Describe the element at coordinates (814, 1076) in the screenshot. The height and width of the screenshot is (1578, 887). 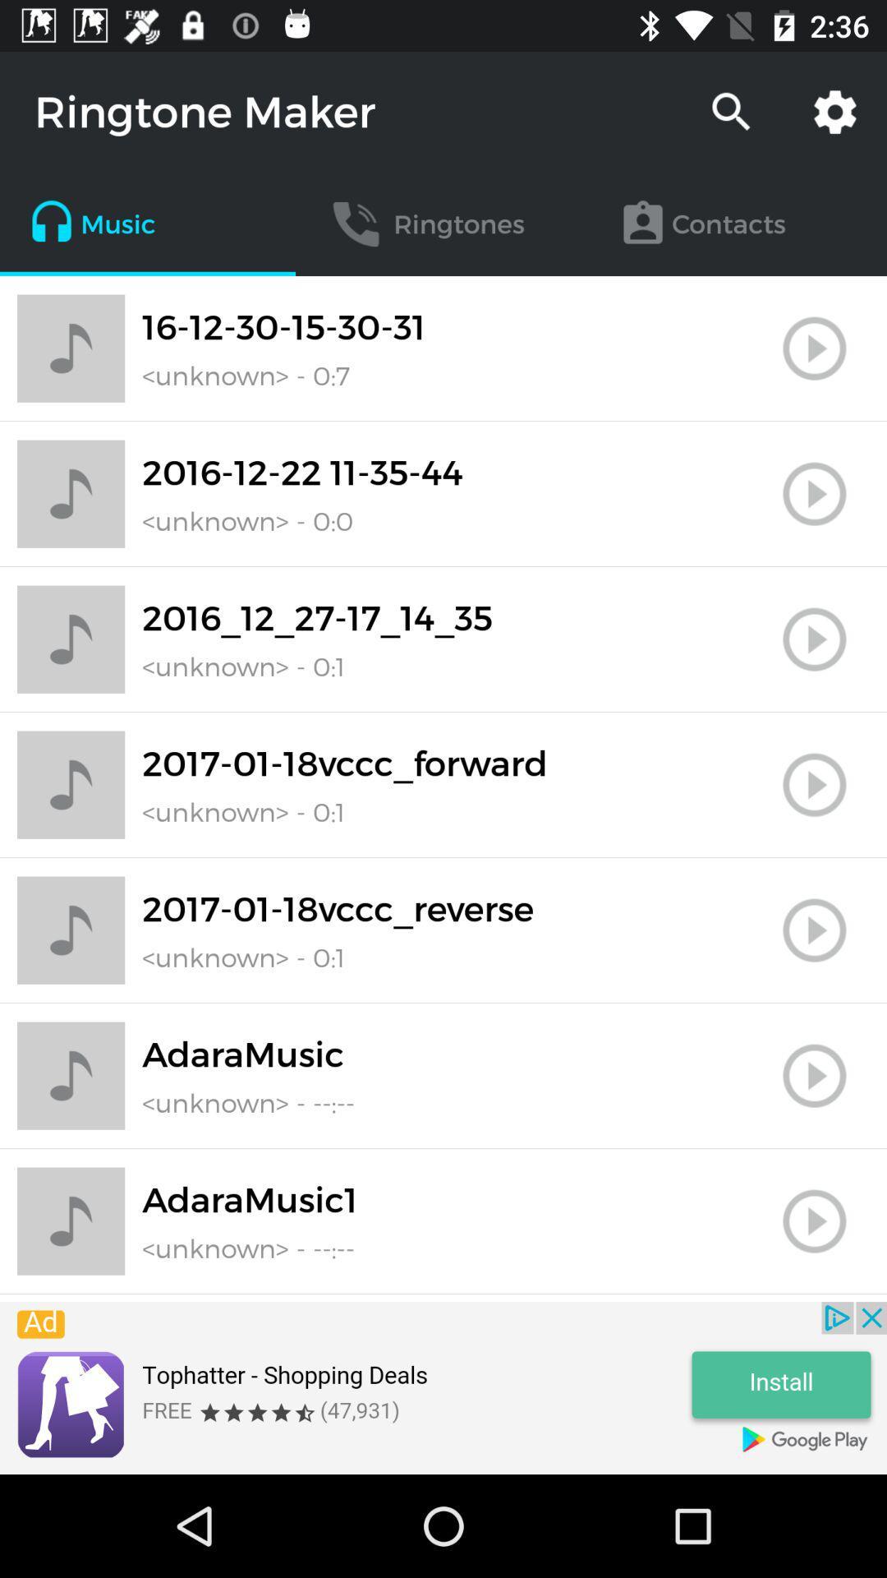
I see `video play` at that location.